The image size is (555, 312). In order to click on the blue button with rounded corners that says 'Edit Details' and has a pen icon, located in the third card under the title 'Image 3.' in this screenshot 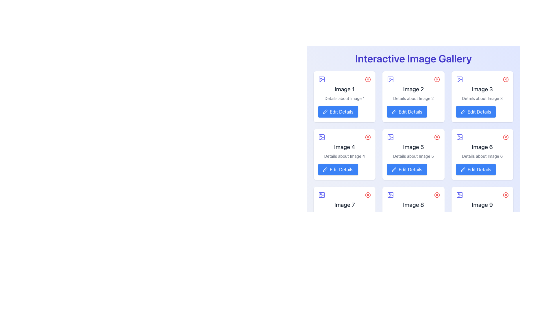, I will do `click(476, 112)`.